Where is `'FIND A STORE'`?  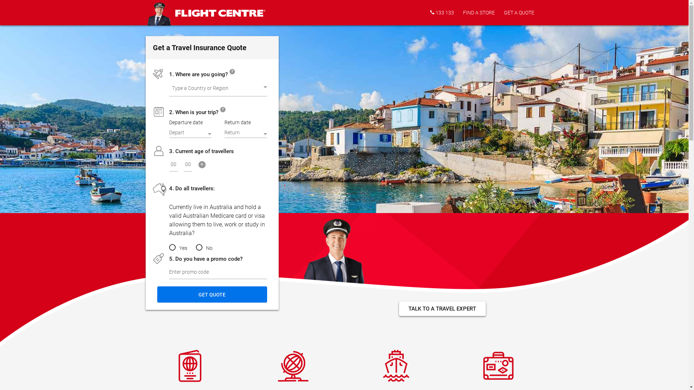 'FIND A STORE' is located at coordinates (479, 12).